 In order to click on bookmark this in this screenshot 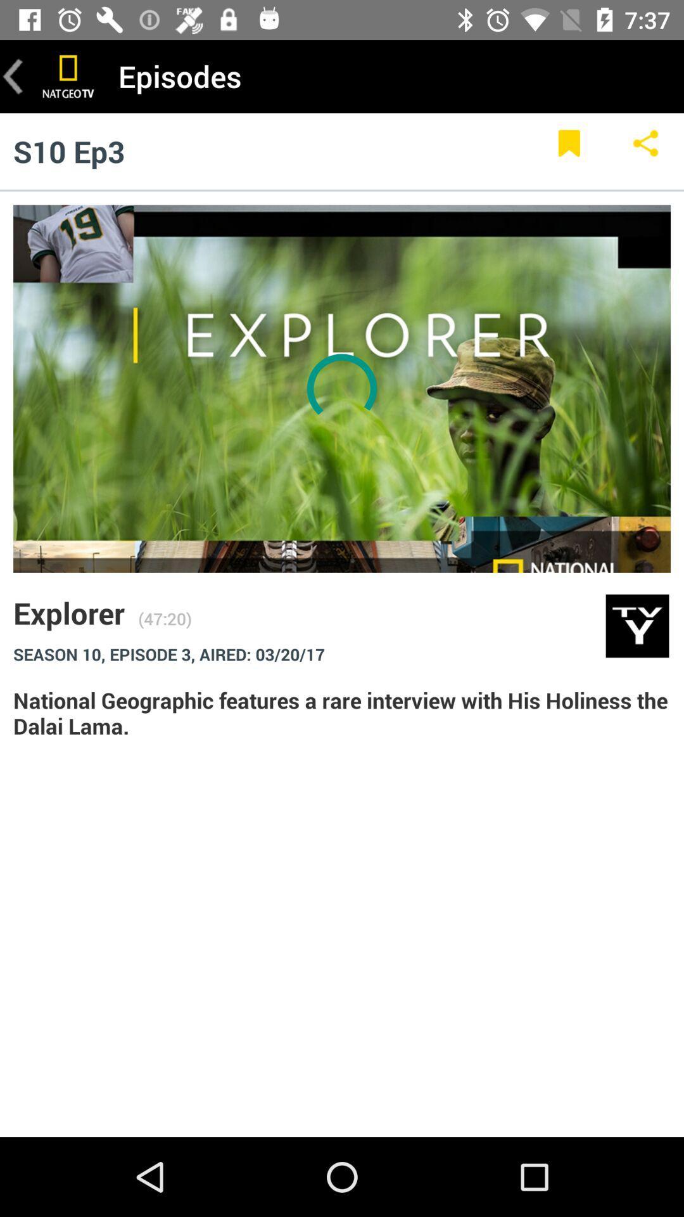, I will do `click(568, 151)`.